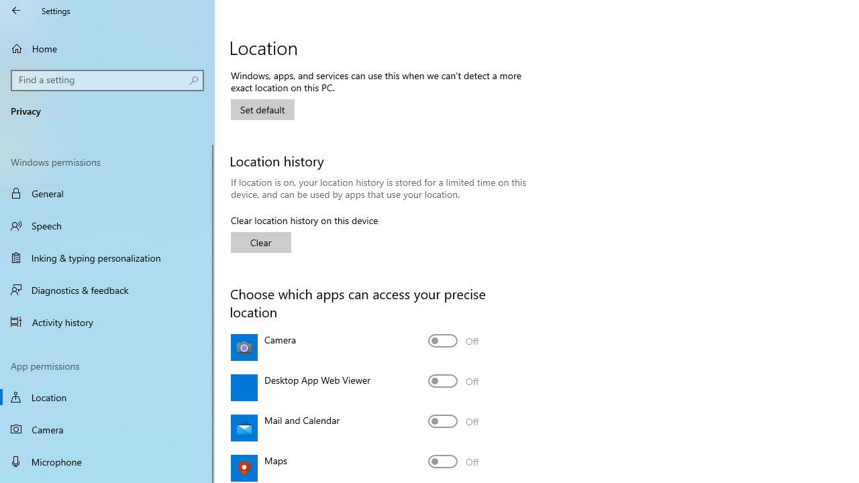 The image size is (859, 483). What do you see at coordinates (107, 460) in the screenshot?
I see `'Microphone'` at bounding box center [107, 460].